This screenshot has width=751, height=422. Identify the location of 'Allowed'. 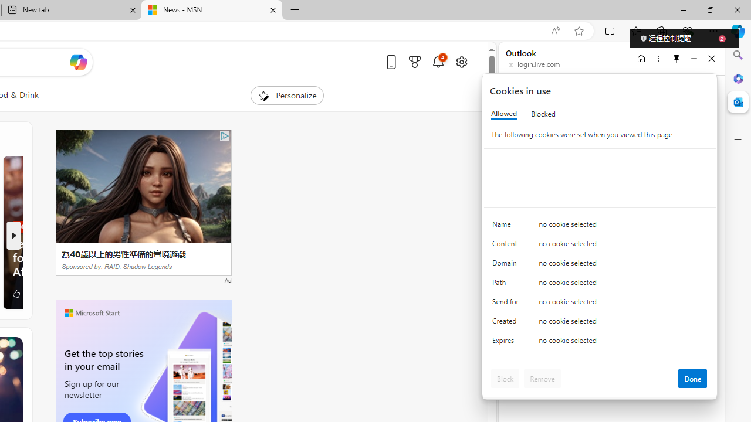
(504, 114).